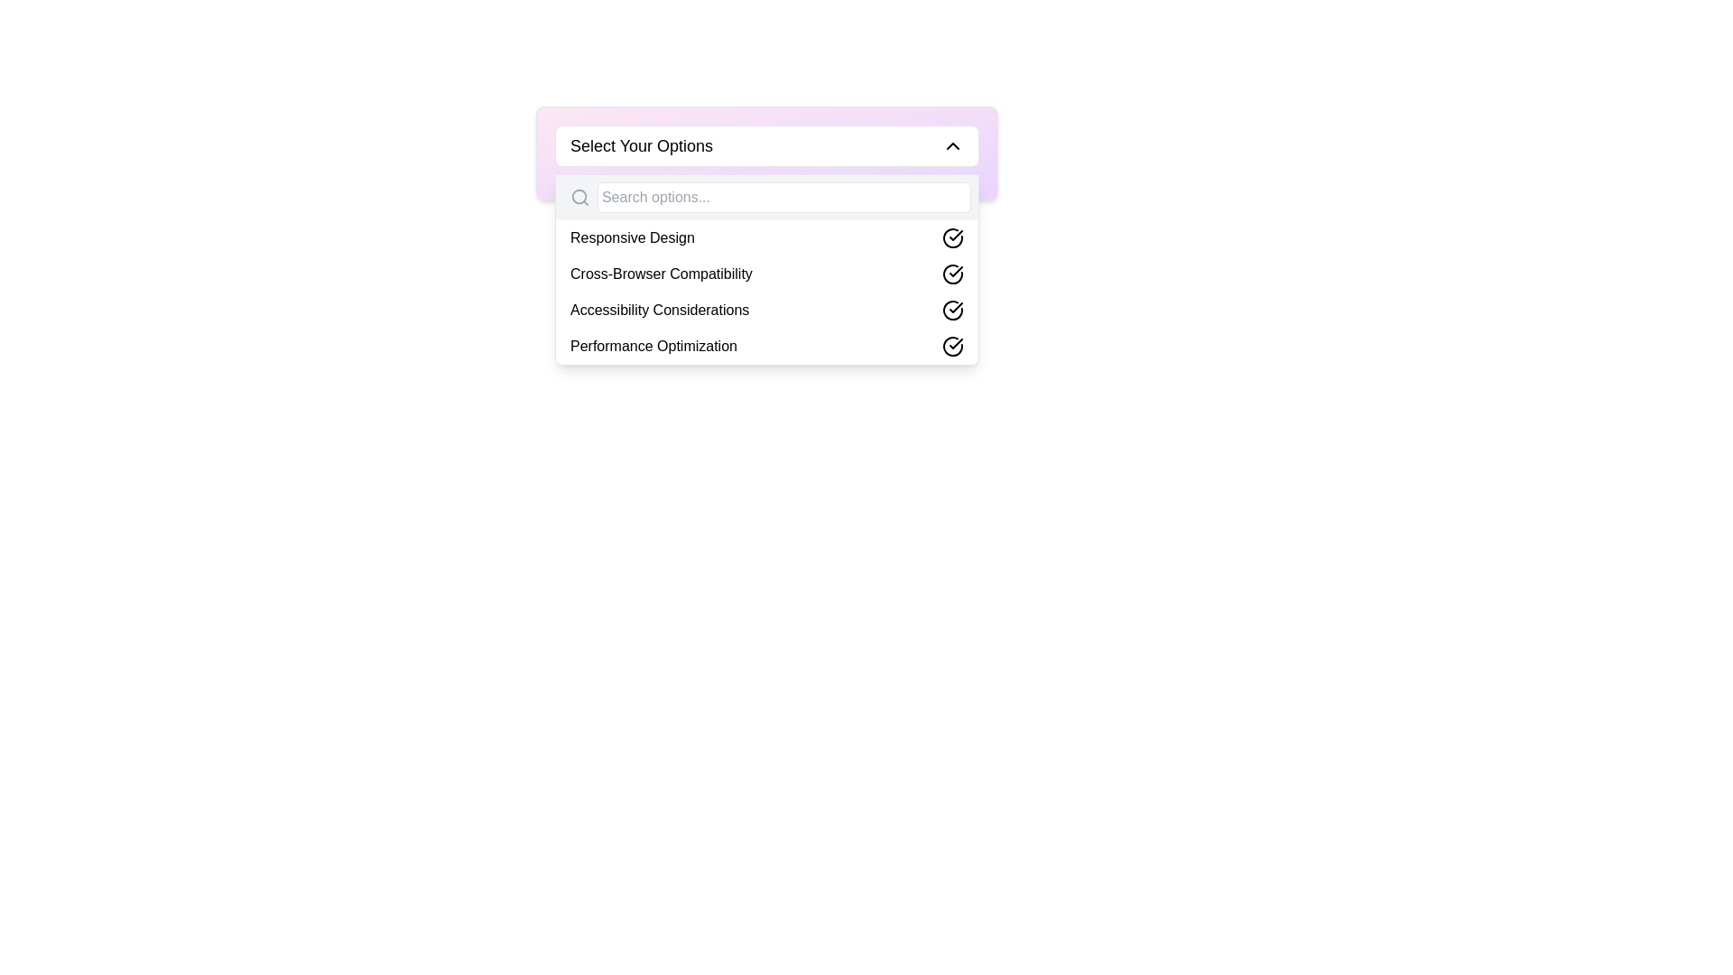  What do you see at coordinates (766, 152) in the screenshot?
I see `the dropdown menu titled 'Select Your Options' by tabbing to it` at bounding box center [766, 152].